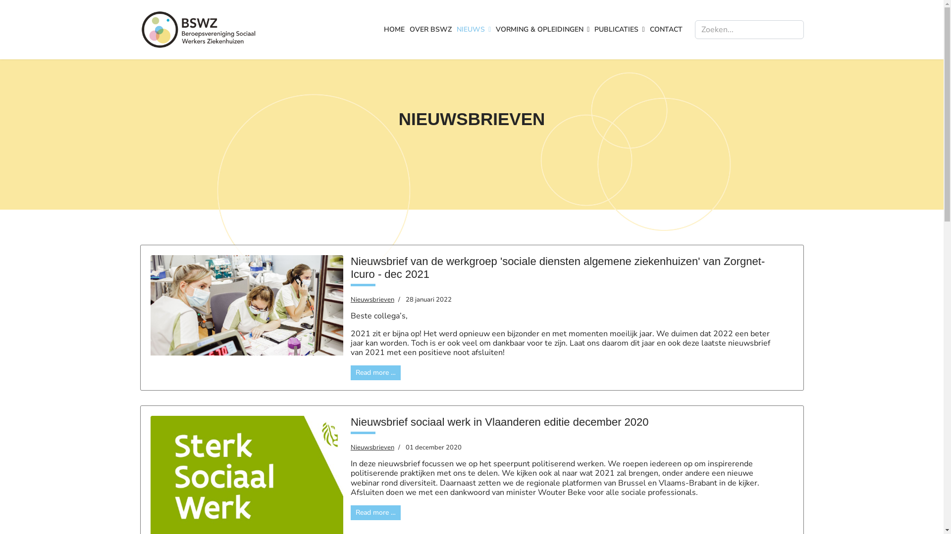 The width and height of the screenshot is (951, 534). Describe the element at coordinates (499, 422) in the screenshot. I see `'Nieuwsbrief sociaal werk in Vlaanderen editie december 2020'` at that location.